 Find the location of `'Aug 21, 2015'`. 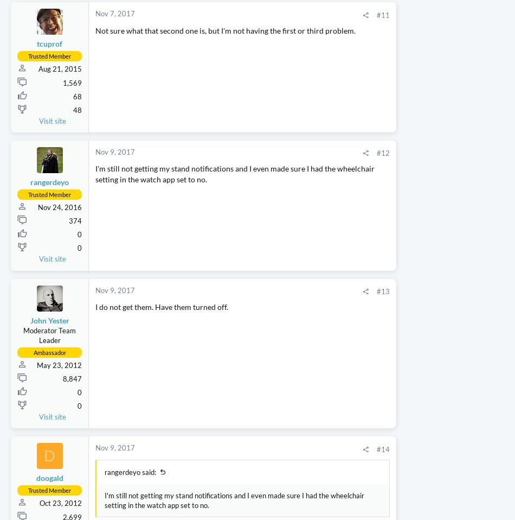

'Aug 21, 2015' is located at coordinates (60, 132).